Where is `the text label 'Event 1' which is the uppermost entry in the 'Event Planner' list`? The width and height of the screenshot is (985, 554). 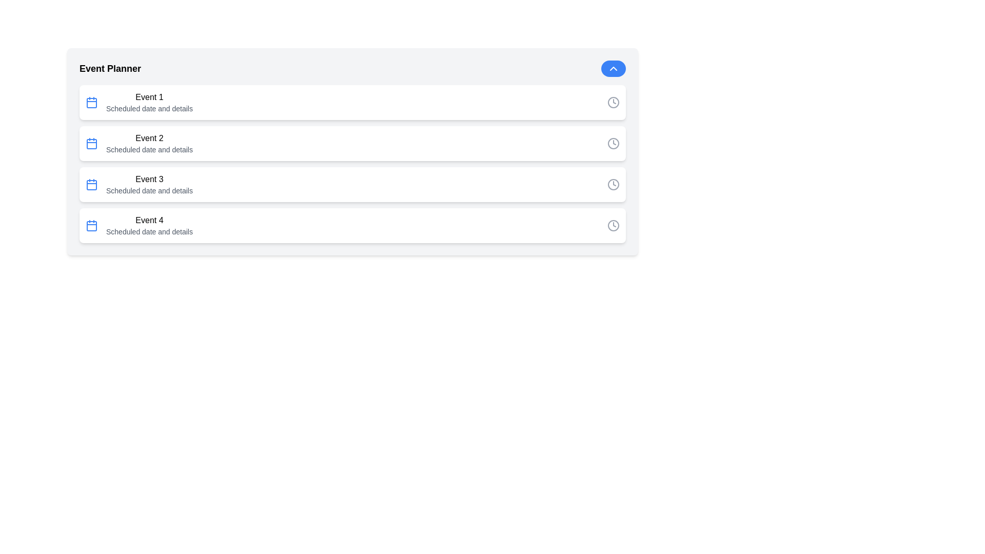 the text label 'Event 1' which is the uppermost entry in the 'Event Planner' list is located at coordinates (149, 97).